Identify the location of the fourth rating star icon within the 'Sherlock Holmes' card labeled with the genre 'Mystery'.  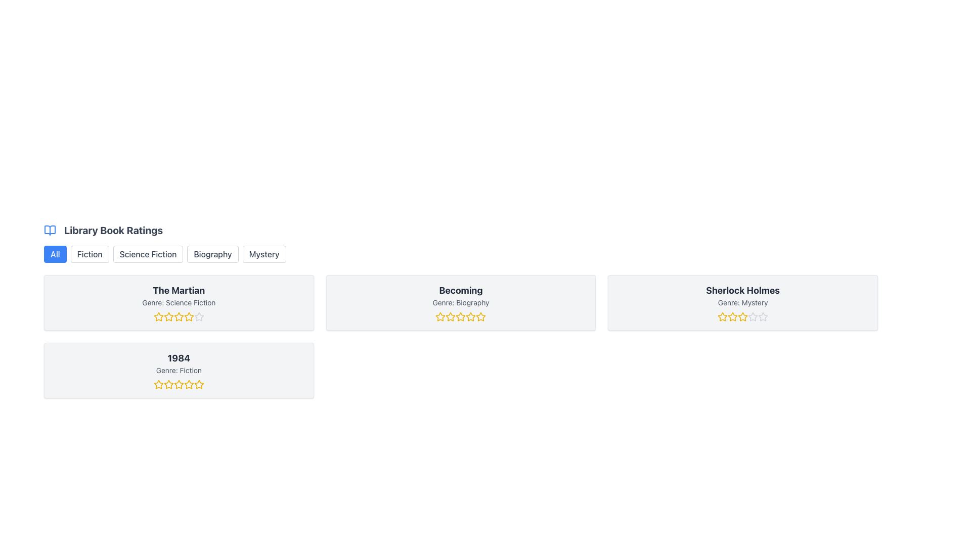
(743, 316).